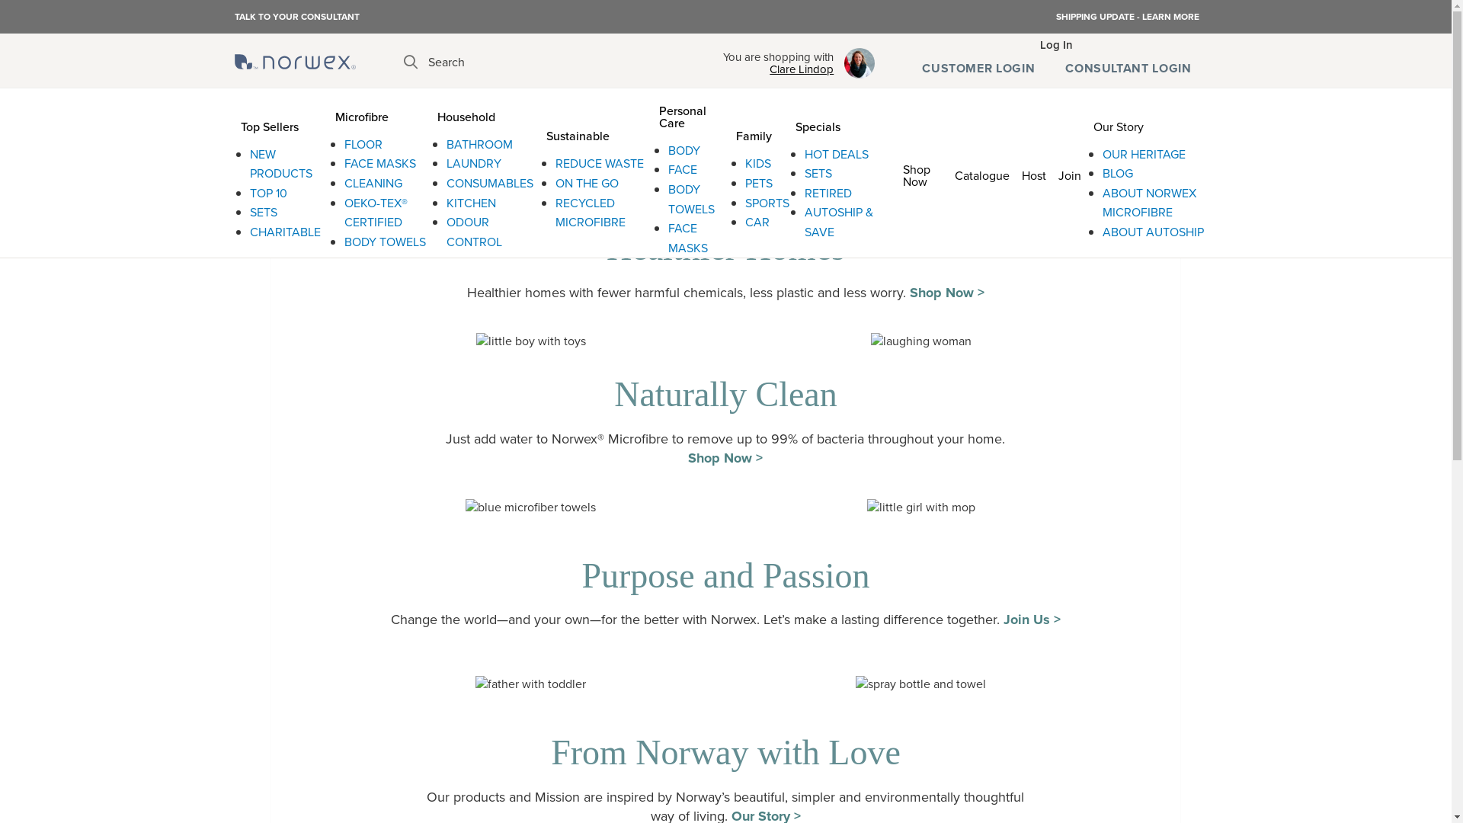 The height and width of the screenshot is (823, 1463). I want to click on 'BODY TOWELS', so click(343, 241).